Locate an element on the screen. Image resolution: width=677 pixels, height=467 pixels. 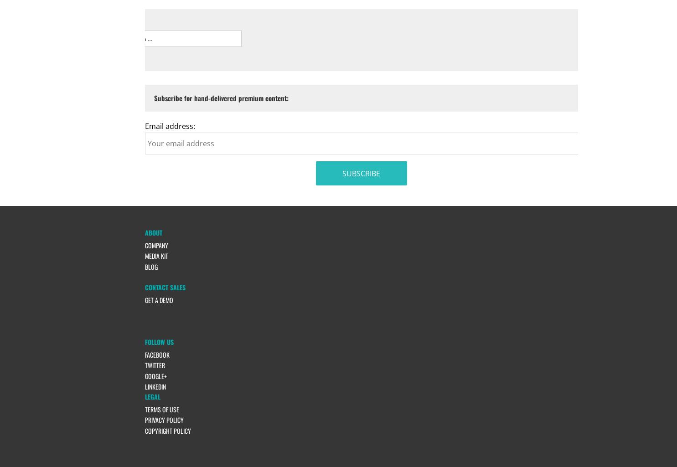
'Media Kit' is located at coordinates (155, 256).